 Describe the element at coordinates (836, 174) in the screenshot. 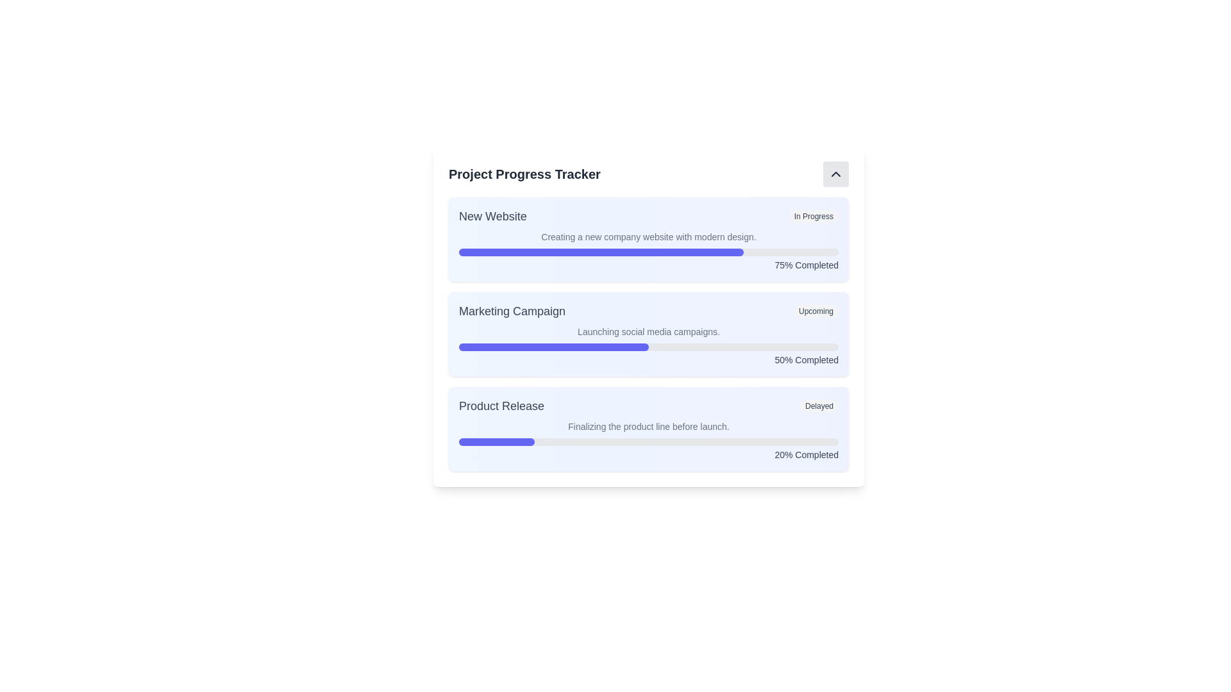

I see `the upward navigation icon located in the top-right corner of the interface` at that location.